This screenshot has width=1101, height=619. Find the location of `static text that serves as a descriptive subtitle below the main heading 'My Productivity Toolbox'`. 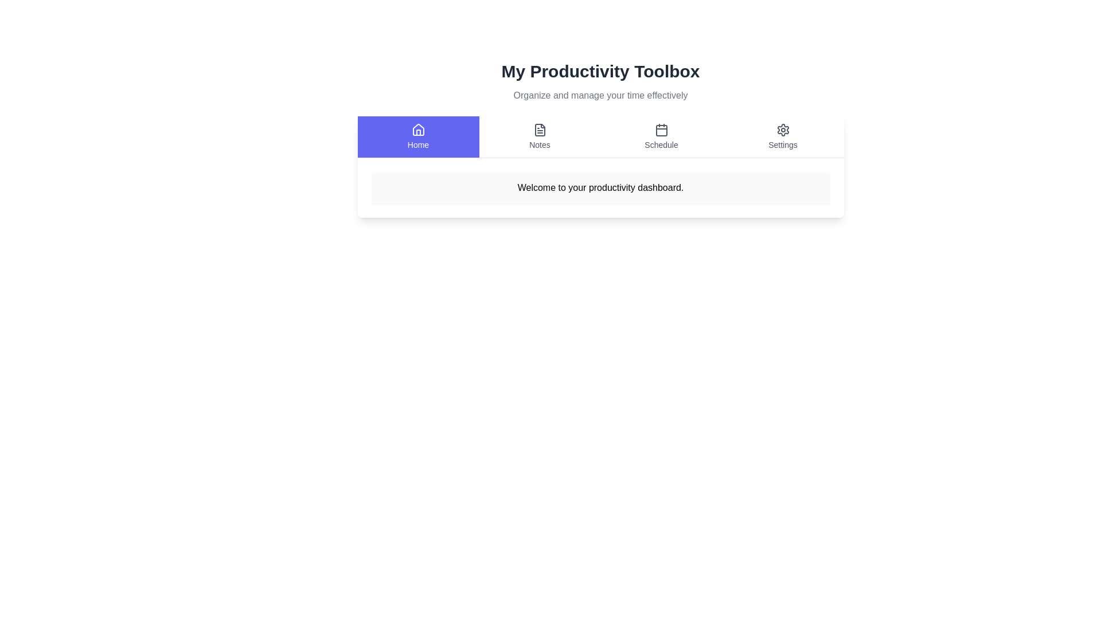

static text that serves as a descriptive subtitle below the main heading 'My Productivity Toolbox' is located at coordinates (600, 95).